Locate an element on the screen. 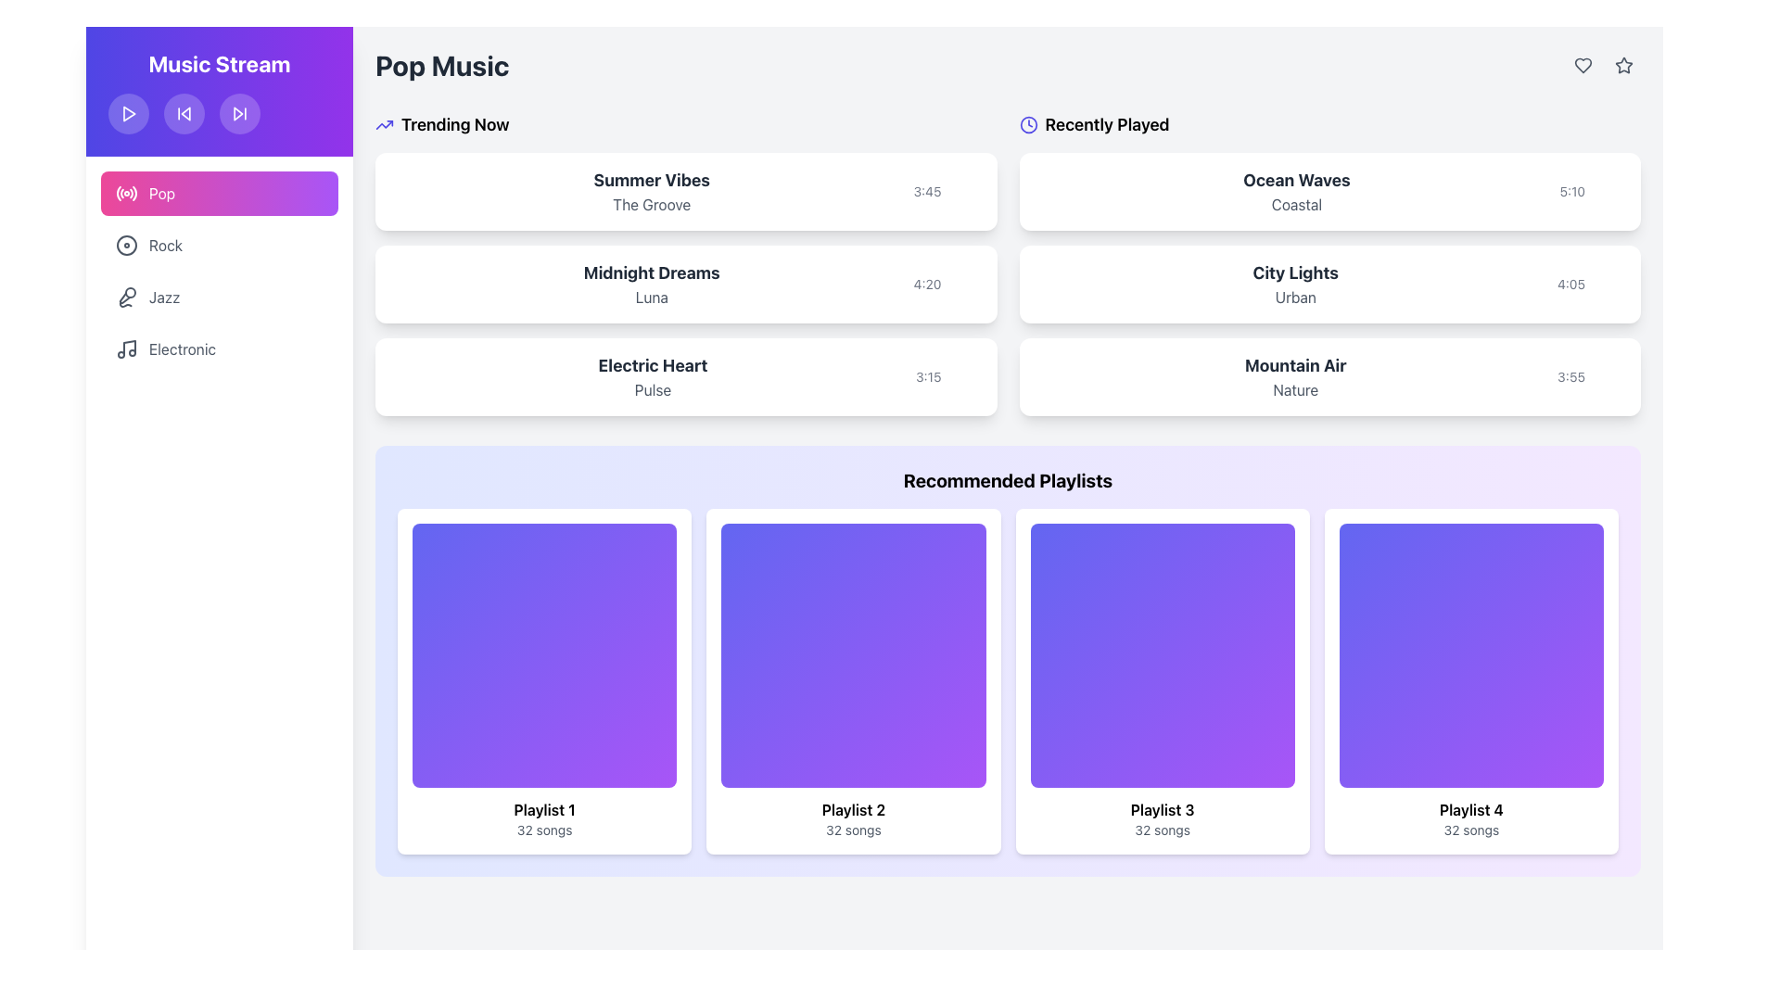 The height and width of the screenshot is (1001, 1780). the first button in the vertical list on the left sidebar that is intended to filter or navigate content related to 'Pop' music is located at coordinates (219, 193).